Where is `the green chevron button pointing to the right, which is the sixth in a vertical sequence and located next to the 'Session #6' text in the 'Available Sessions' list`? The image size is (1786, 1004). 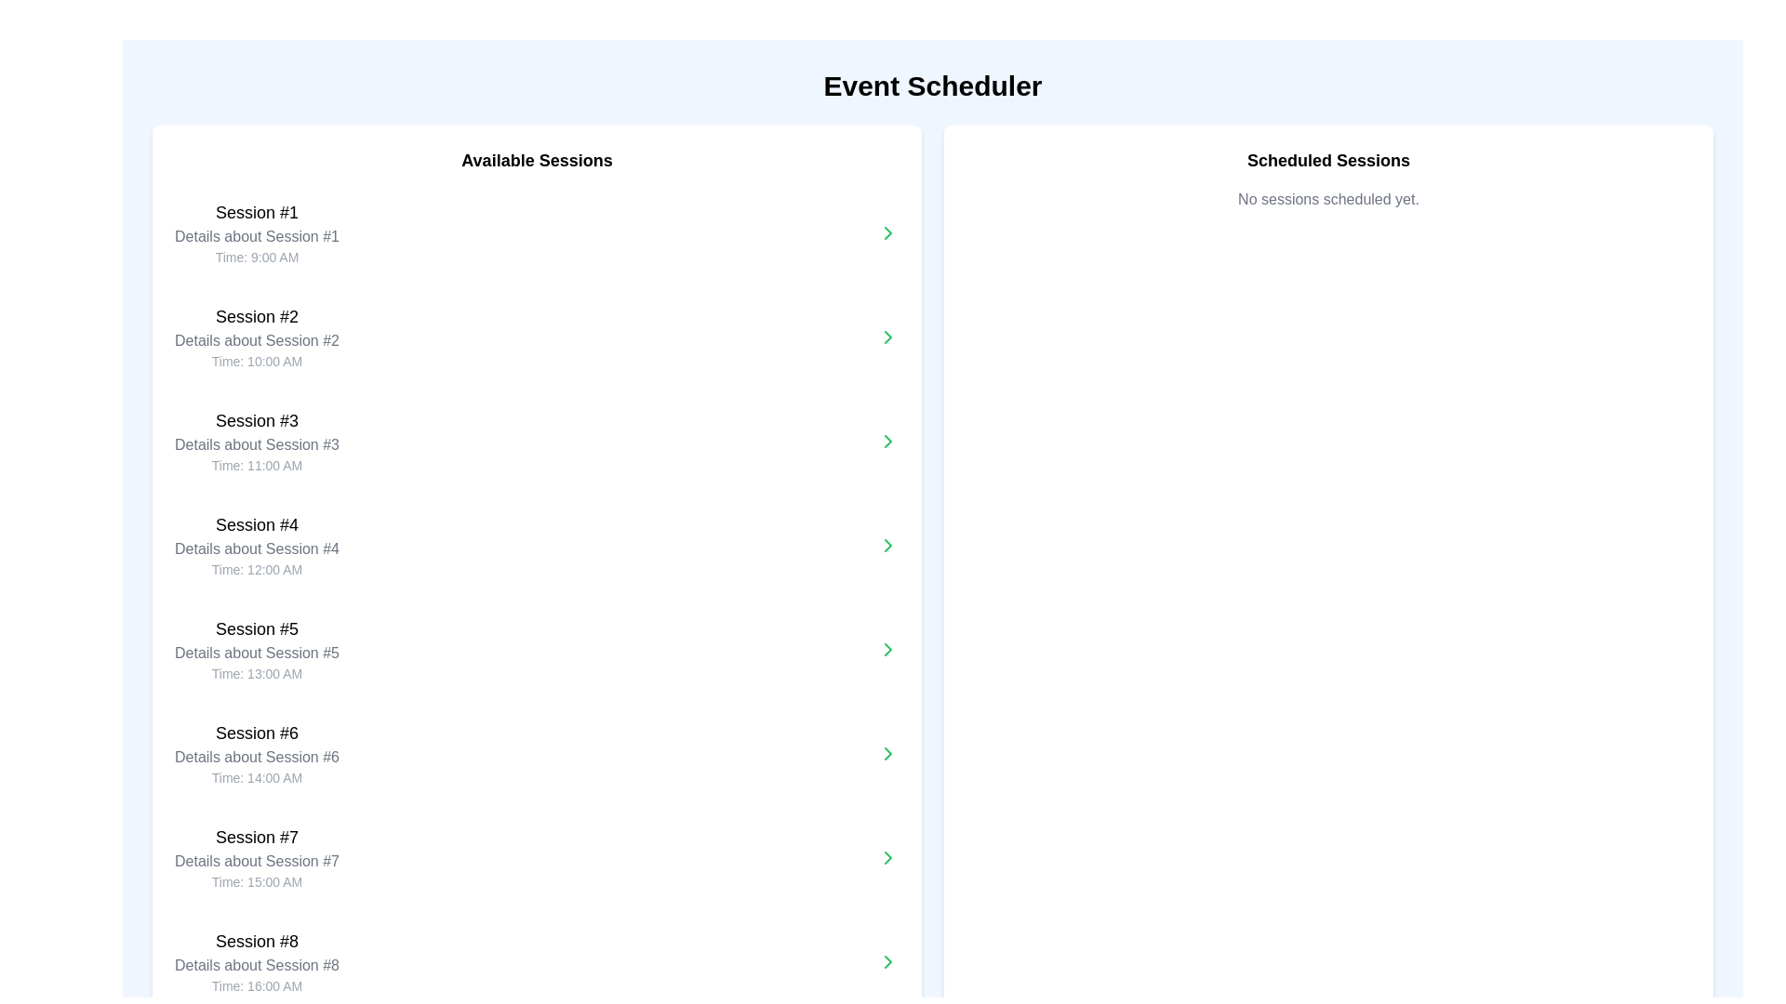
the green chevron button pointing to the right, which is the sixth in a vertical sequence and located next to the 'Session #6' text in the 'Available Sessions' list is located at coordinates (887, 753).